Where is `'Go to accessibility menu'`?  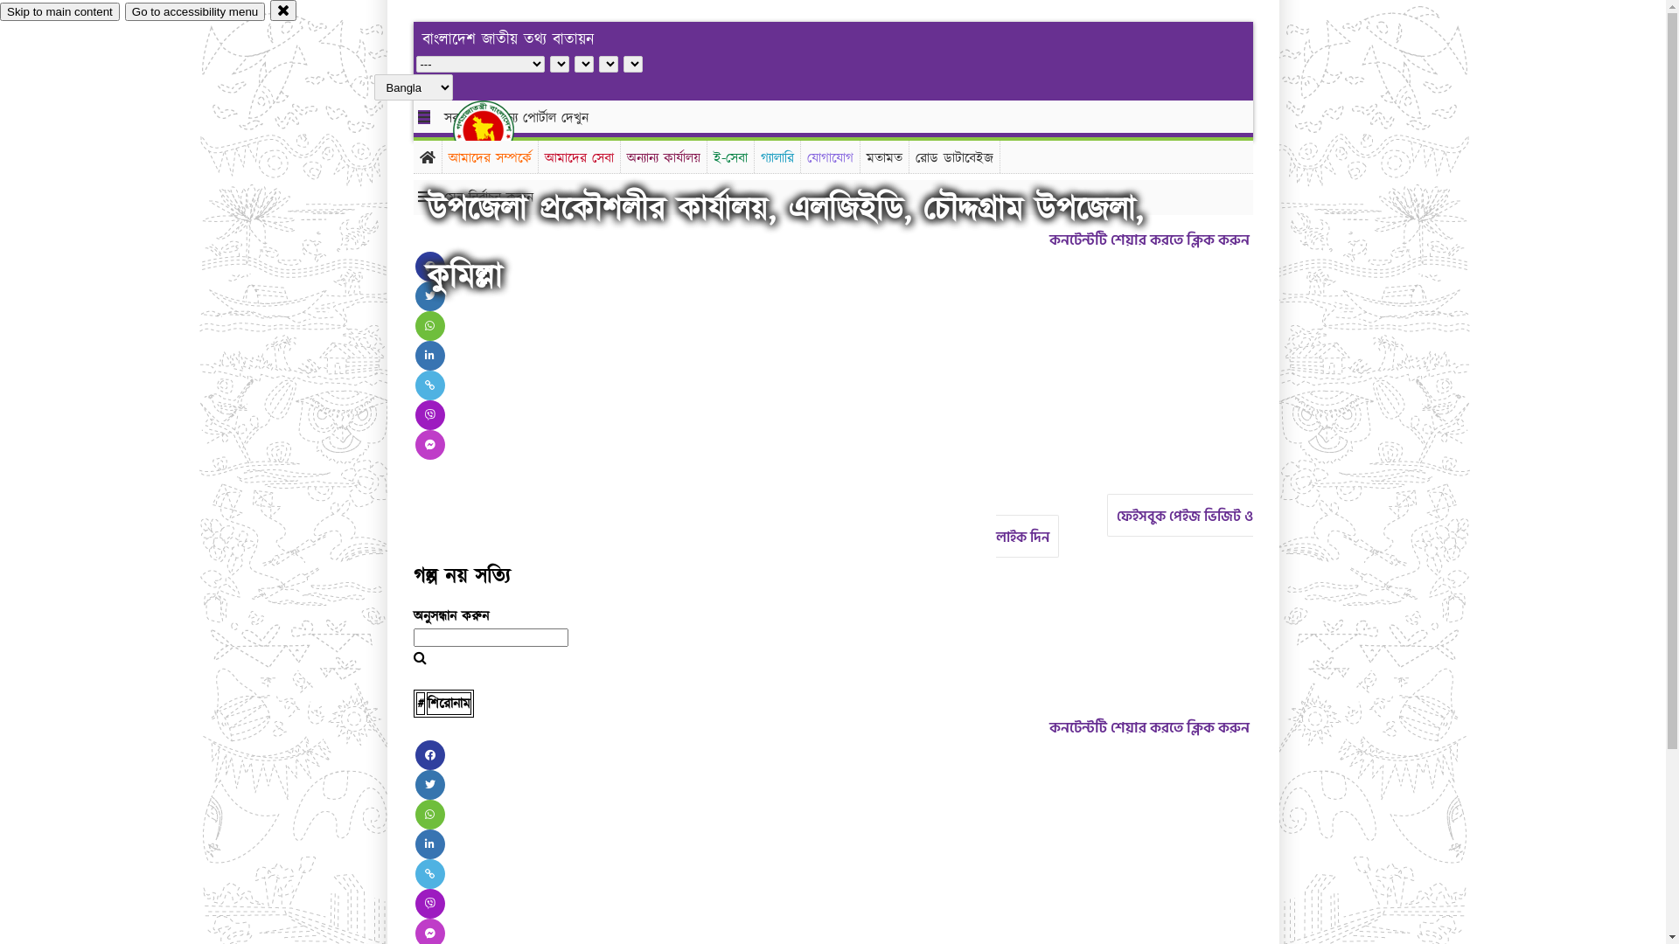
'Go to accessibility menu' is located at coordinates (124, 11).